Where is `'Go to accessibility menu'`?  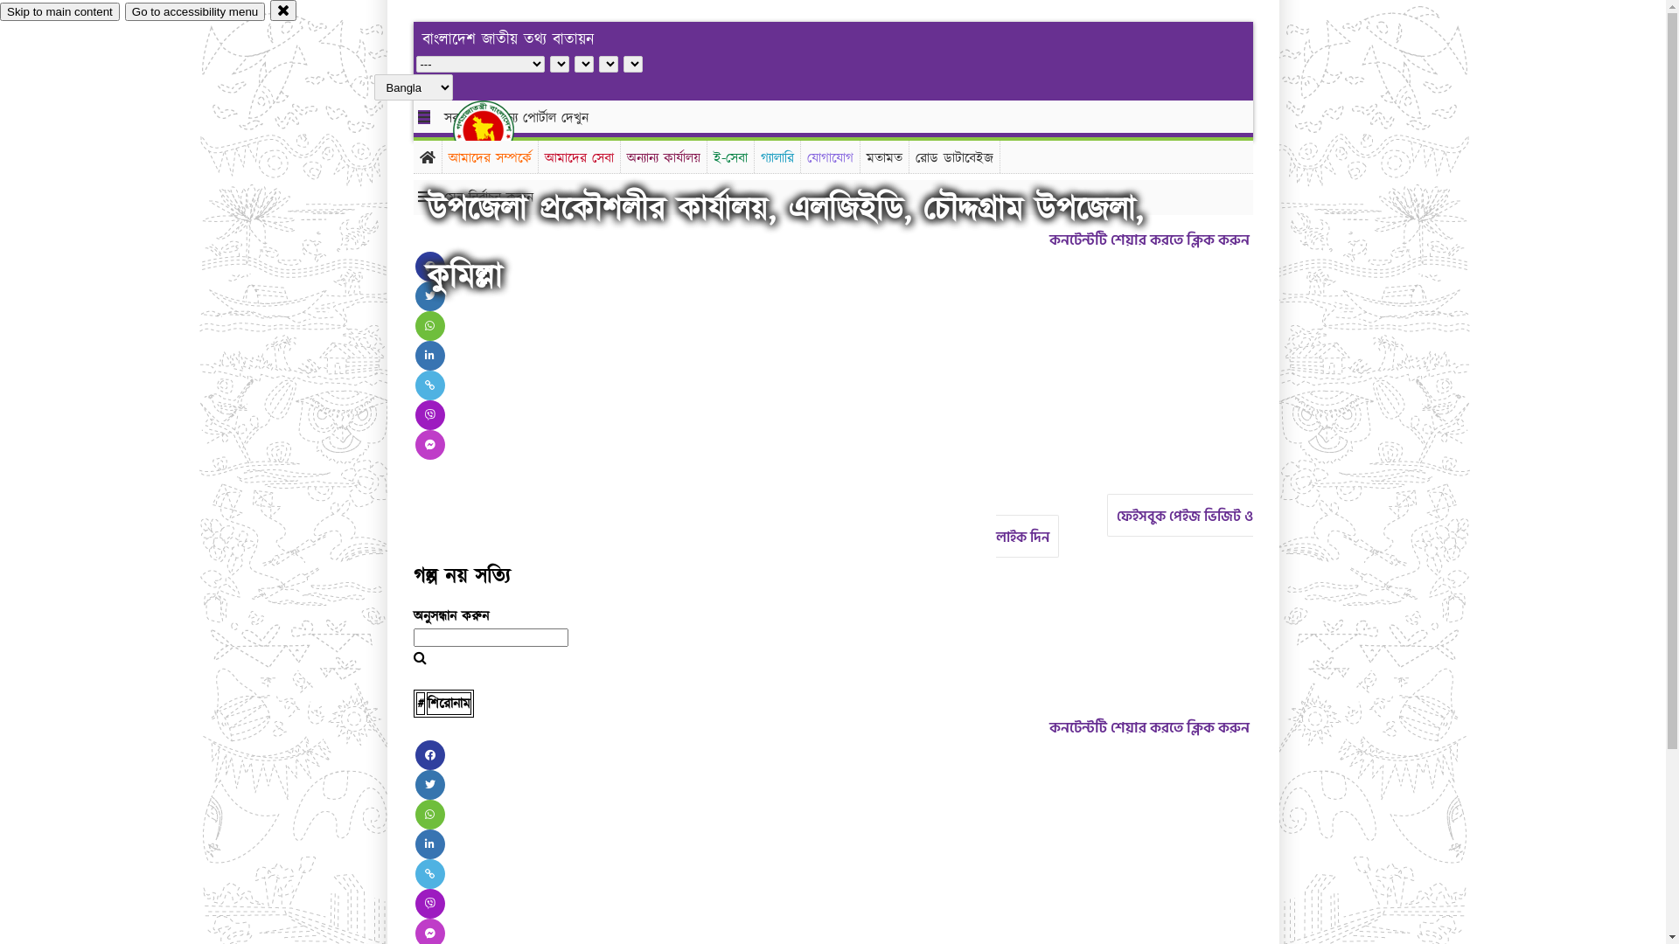
'Go to accessibility menu' is located at coordinates (124, 11).